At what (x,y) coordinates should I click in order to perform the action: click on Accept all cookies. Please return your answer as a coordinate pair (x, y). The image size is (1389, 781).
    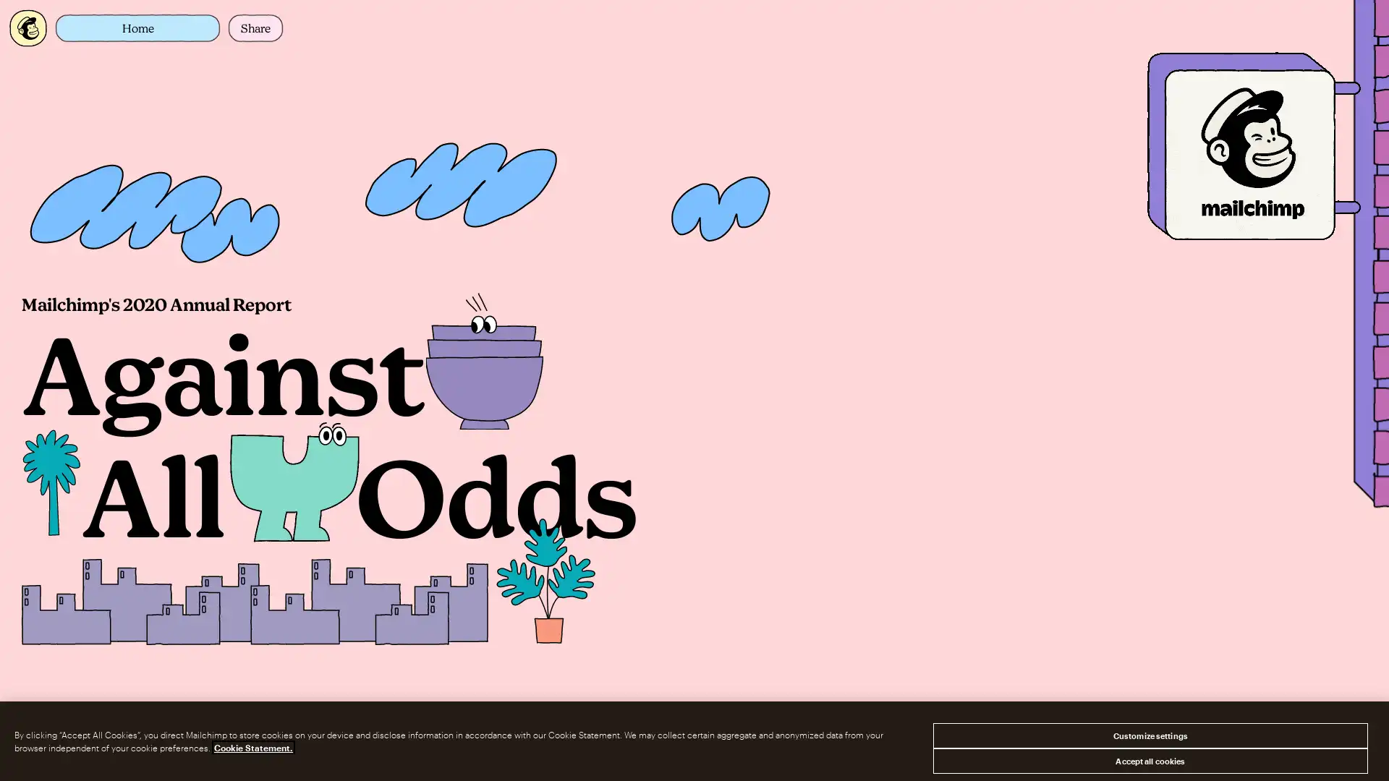
    Looking at the image, I should click on (1149, 760).